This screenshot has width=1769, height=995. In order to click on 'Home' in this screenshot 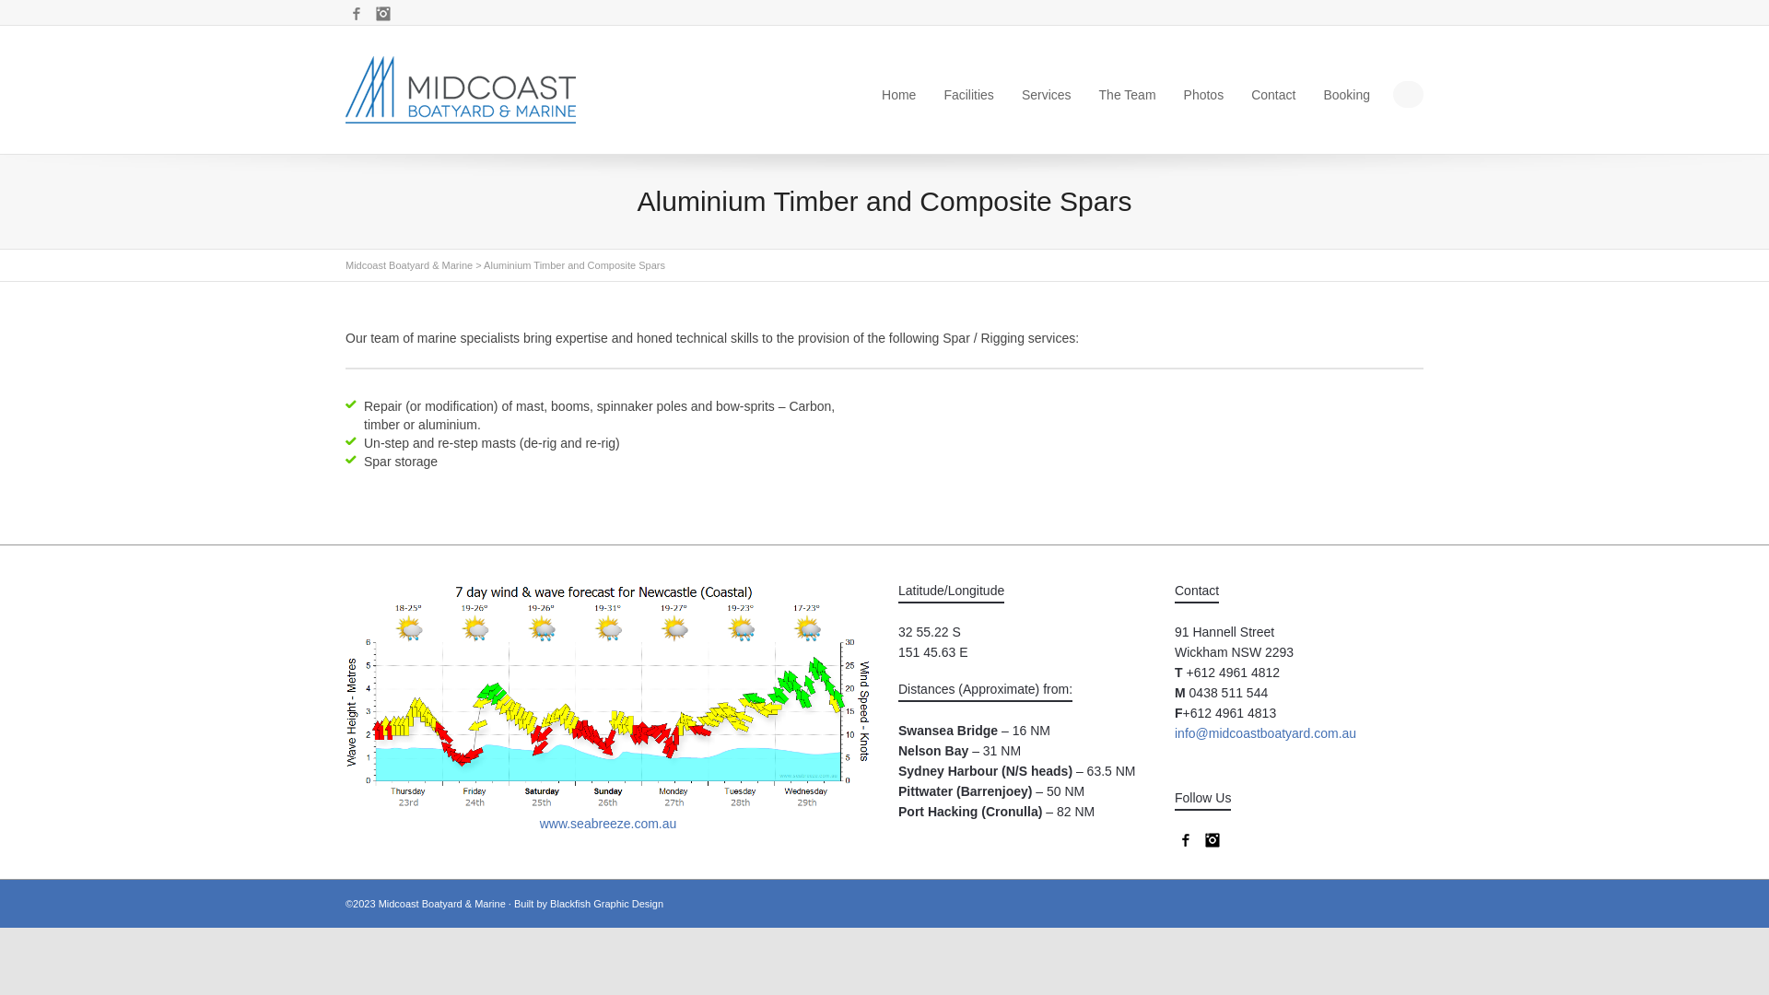, I will do `click(880, 95)`.